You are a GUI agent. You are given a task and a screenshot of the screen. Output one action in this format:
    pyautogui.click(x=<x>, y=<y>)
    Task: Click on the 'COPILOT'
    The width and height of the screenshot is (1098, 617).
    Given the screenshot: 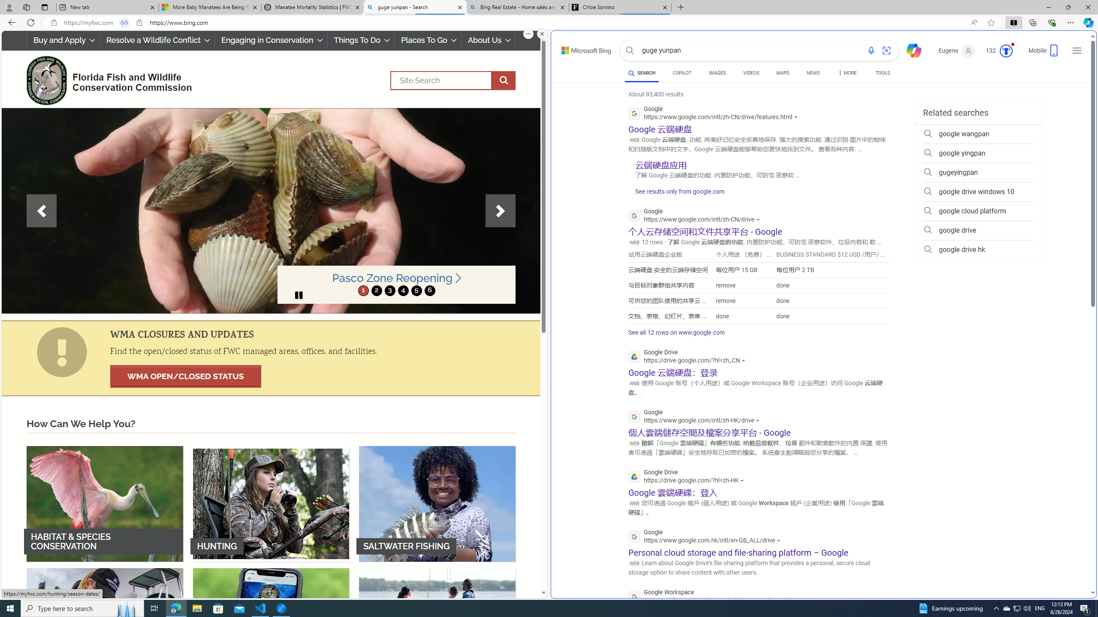 What is the action you would take?
    pyautogui.click(x=682, y=74)
    